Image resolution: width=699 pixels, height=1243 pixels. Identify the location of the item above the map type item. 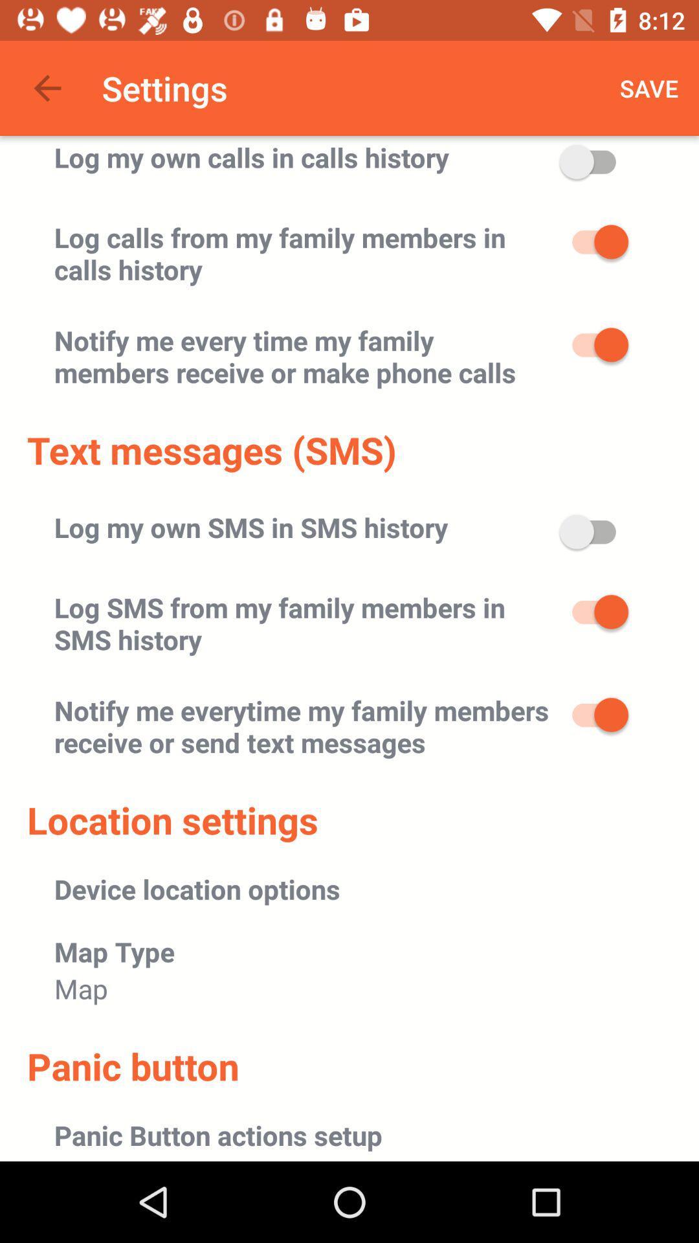
(197, 888).